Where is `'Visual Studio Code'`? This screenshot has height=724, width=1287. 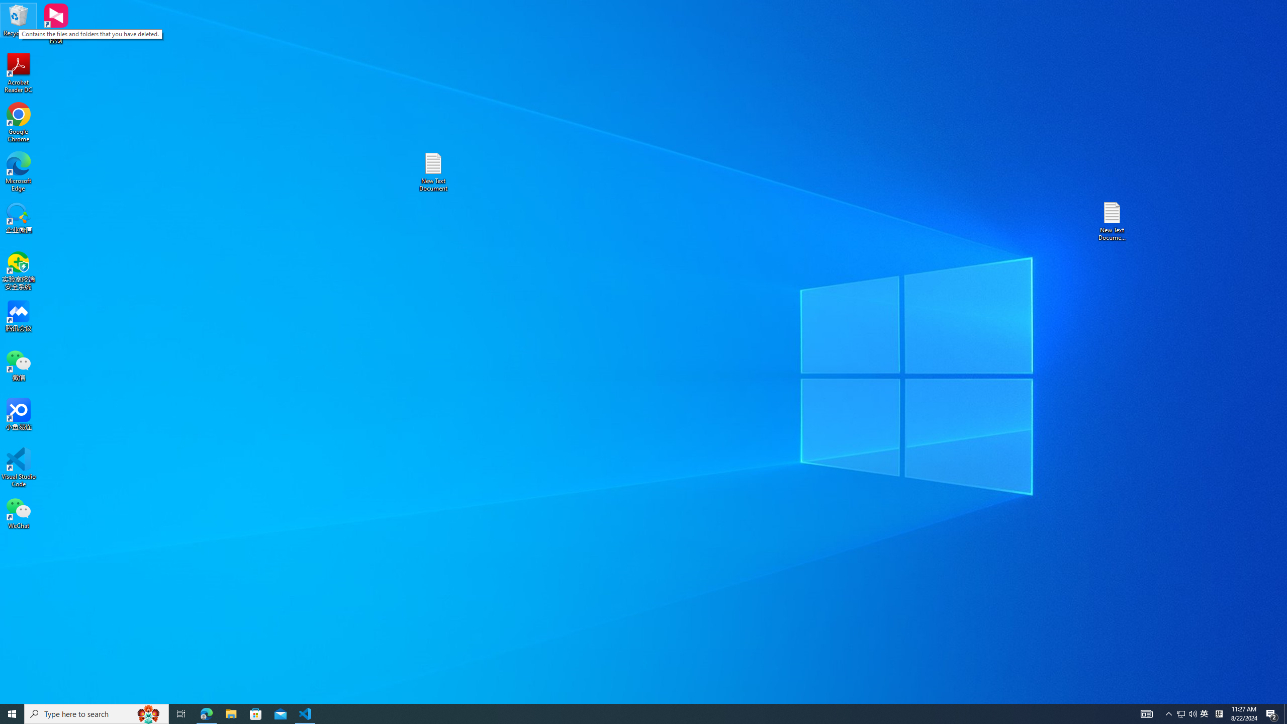 'Visual Studio Code' is located at coordinates (18, 467).